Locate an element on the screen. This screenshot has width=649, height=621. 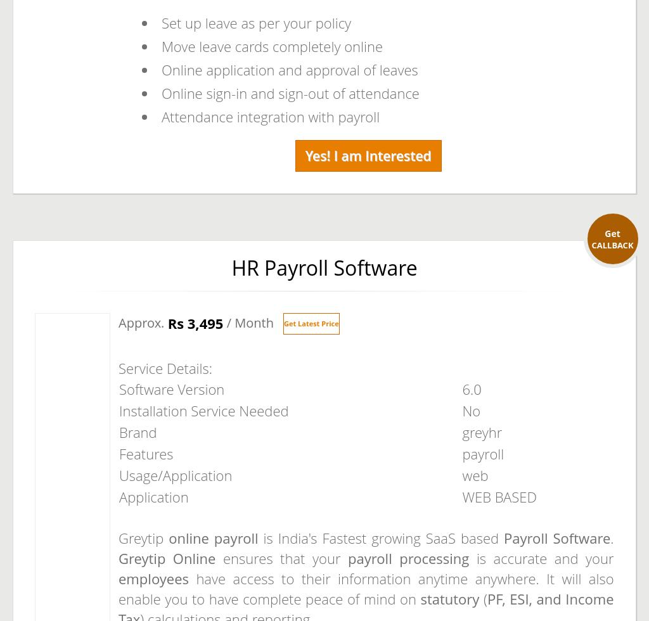
'is India's Fastest growing SaaS based' is located at coordinates (257, 537).